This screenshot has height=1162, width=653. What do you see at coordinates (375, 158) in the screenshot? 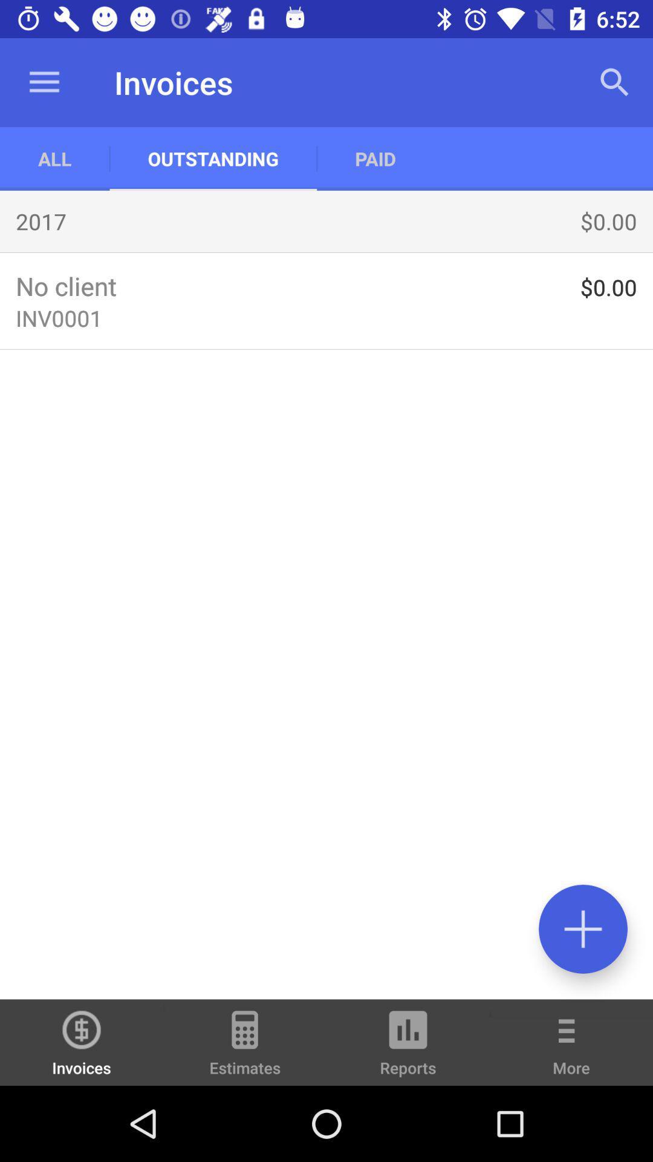
I see `paid item` at bounding box center [375, 158].